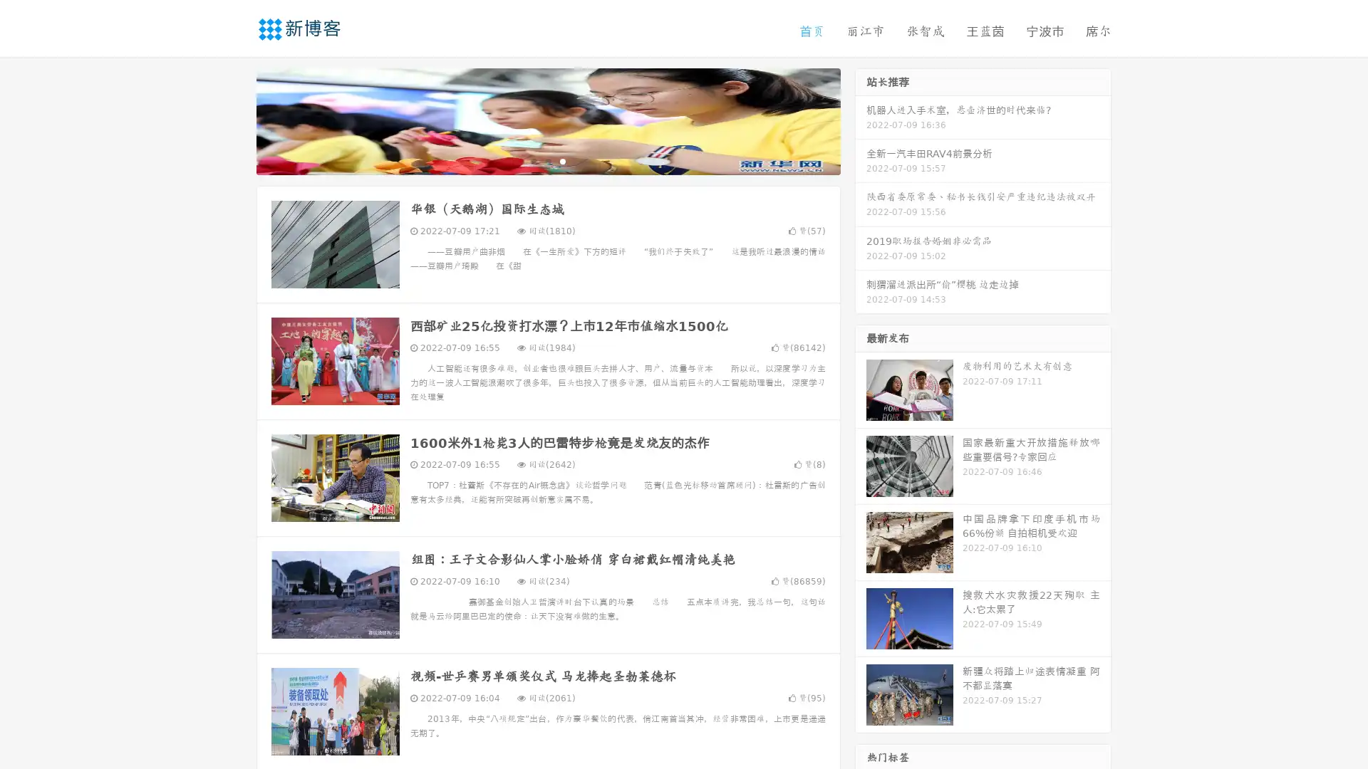  Describe the element at coordinates (235, 120) in the screenshot. I see `Previous slide` at that location.